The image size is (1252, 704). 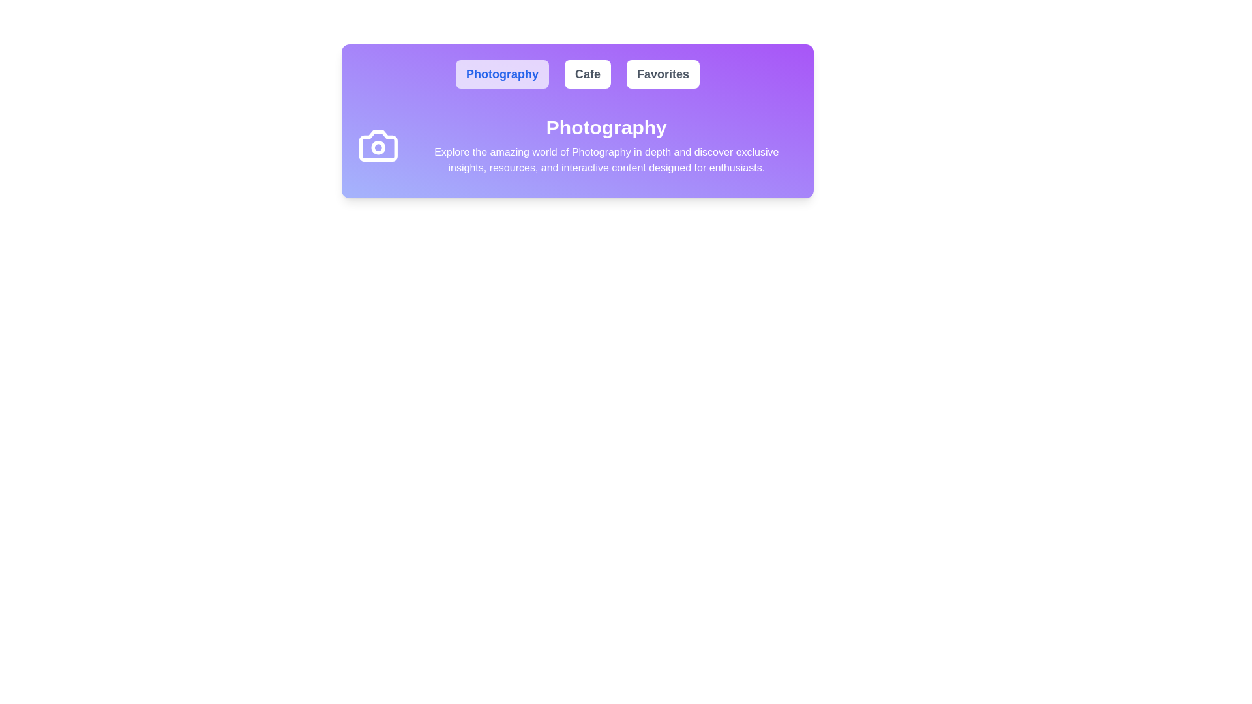 What do you see at coordinates (663, 74) in the screenshot?
I see `the 'Favorites' button` at bounding box center [663, 74].